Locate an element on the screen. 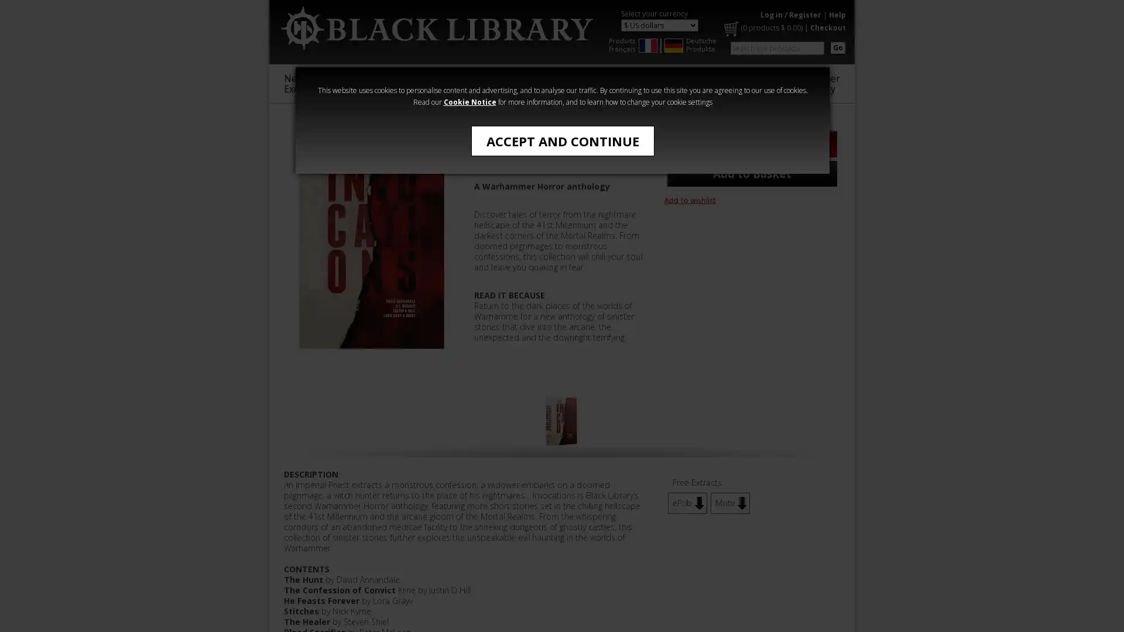  Go is located at coordinates (837, 47).